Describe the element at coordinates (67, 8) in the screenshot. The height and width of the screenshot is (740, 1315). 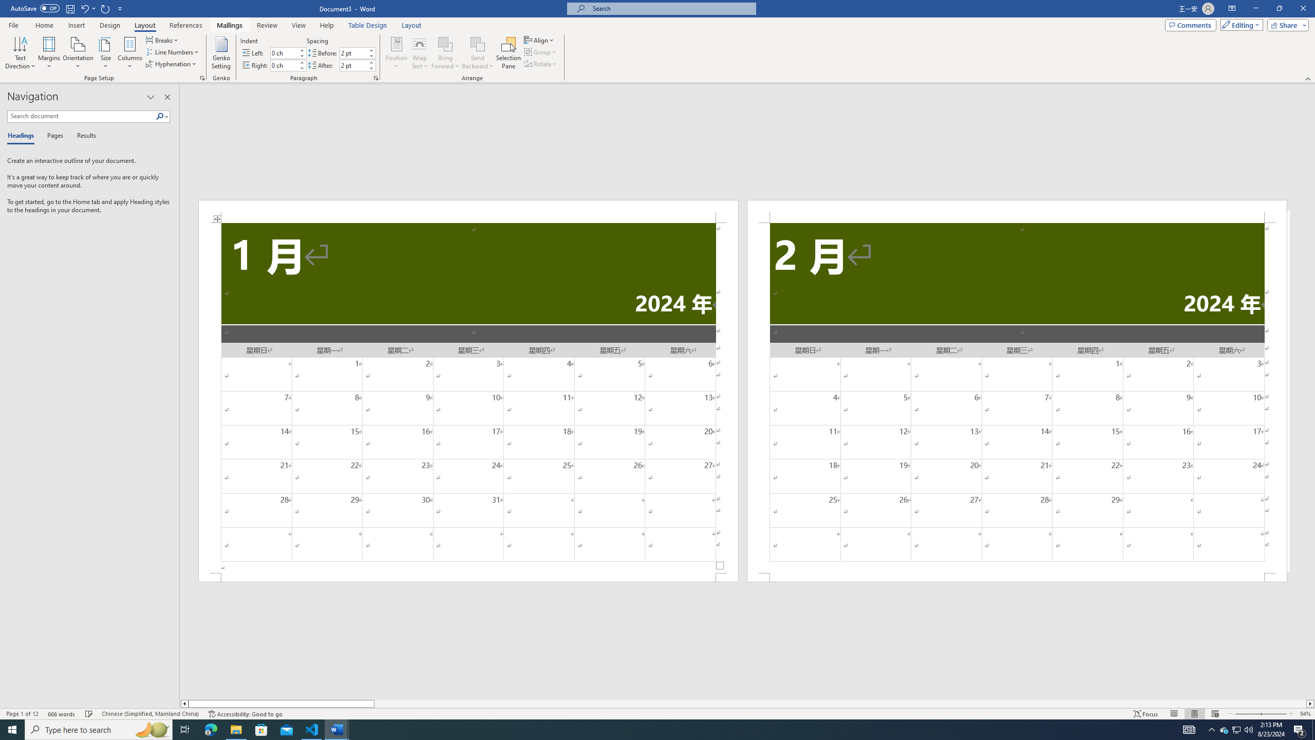
I see `'Quick Access Toolbar'` at that location.